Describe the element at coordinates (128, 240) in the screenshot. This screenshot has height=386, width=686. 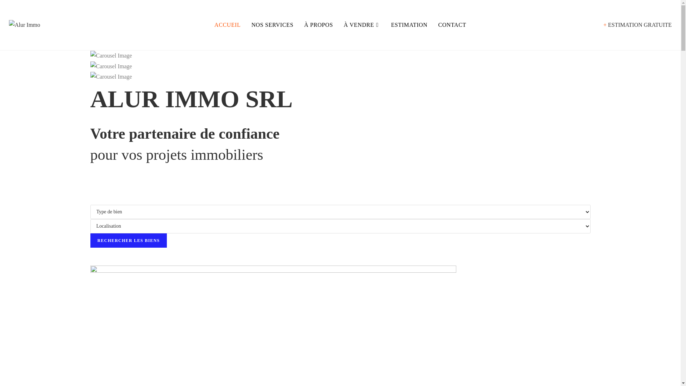
I see `'Rechercher les biens'` at that location.